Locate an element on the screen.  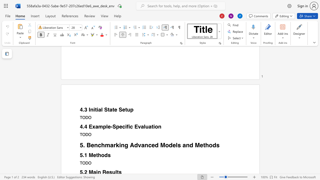
the subset text "l S" within the text "4.3 Initial State Setup" is located at coordinates (101, 109).